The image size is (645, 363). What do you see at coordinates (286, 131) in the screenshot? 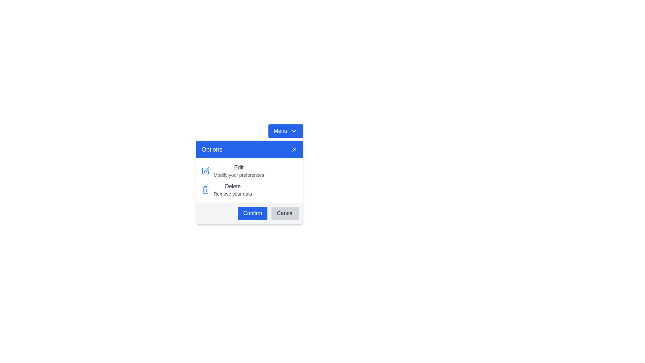
I see `the blue rectangular button labeled 'Menu' with a downward-facing arrow icon` at bounding box center [286, 131].